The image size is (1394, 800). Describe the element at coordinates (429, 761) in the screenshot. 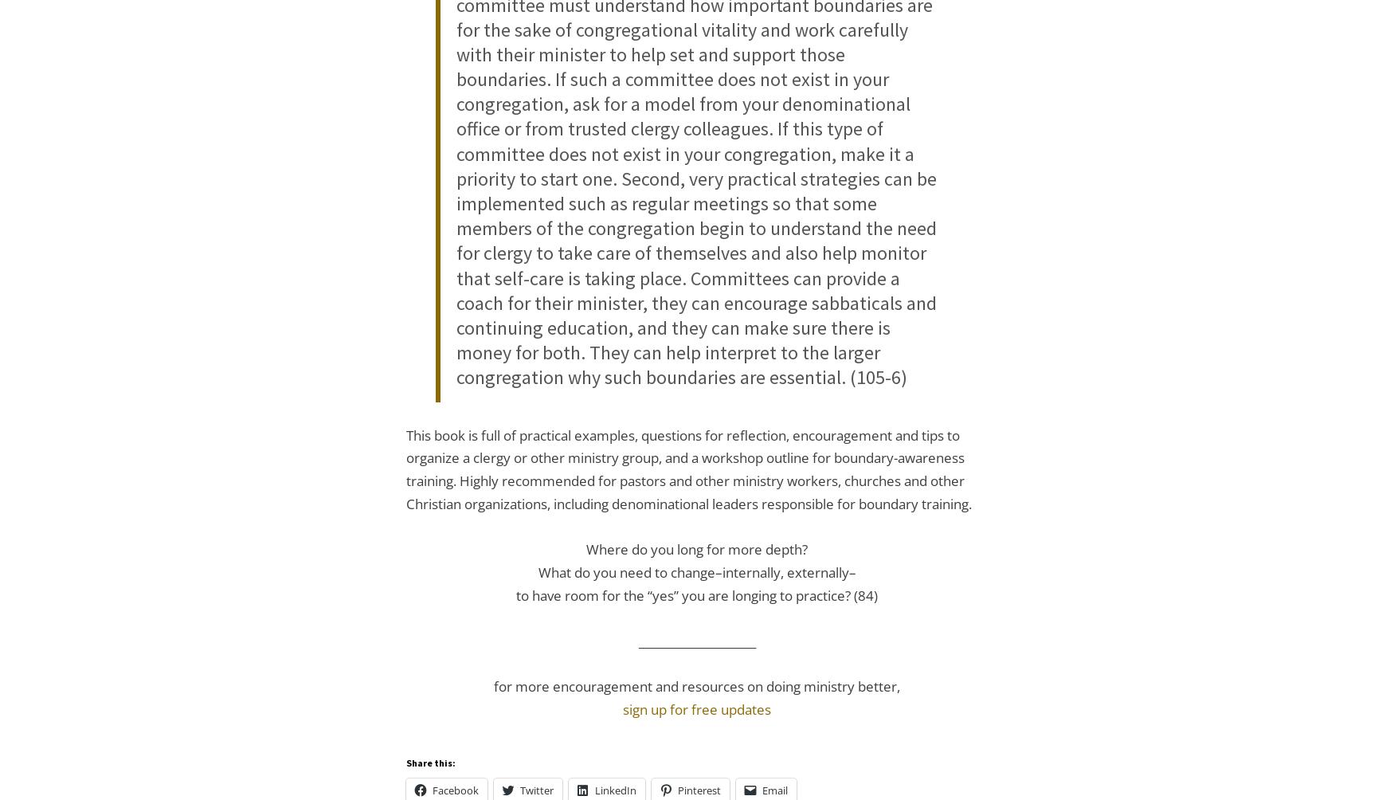

I see `'Share this:'` at that location.